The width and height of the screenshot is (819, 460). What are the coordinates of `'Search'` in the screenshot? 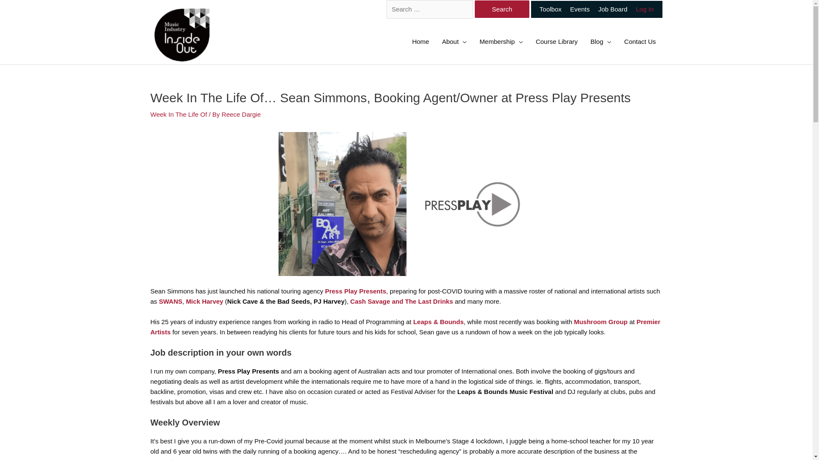 It's located at (502, 9).